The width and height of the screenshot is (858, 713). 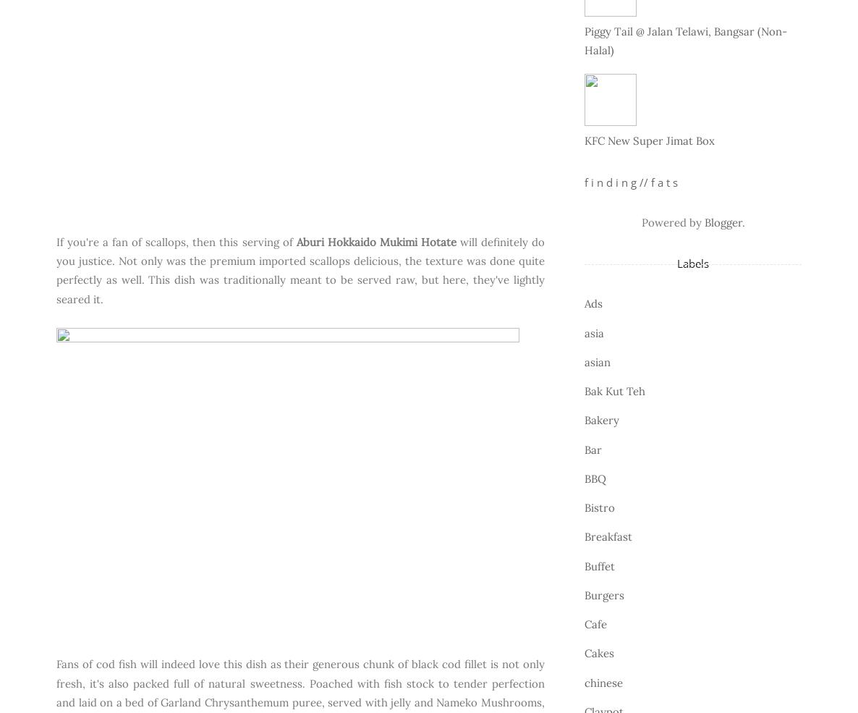 I want to click on 'Piggy Tail @ Jalan Telawi, Bangsar (Non-Halal)', so click(x=685, y=40).